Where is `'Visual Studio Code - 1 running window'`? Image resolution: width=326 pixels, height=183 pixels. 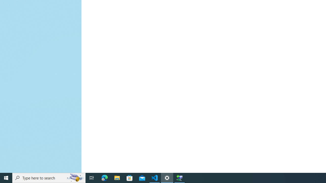
'Visual Studio Code - 1 running window' is located at coordinates (154, 177).